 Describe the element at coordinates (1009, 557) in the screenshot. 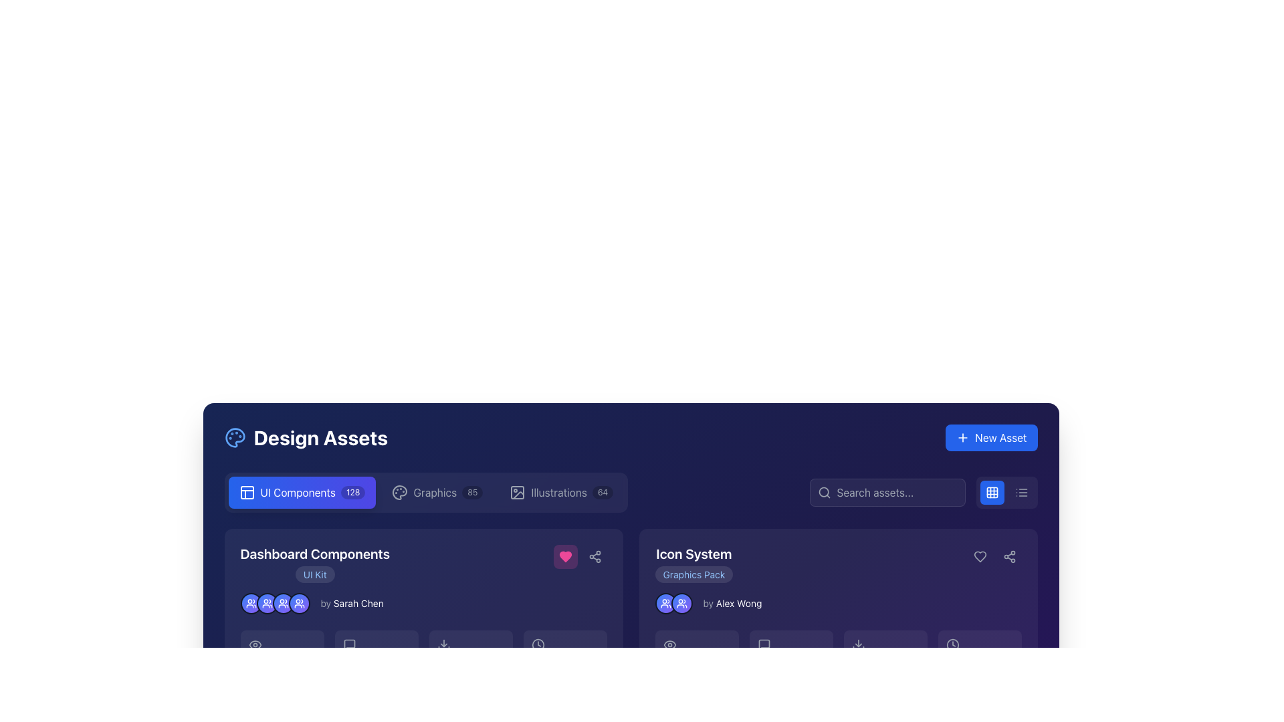

I see `the share button located to the right of the heart-shaped icon button in the top-right corner of the interface` at that location.